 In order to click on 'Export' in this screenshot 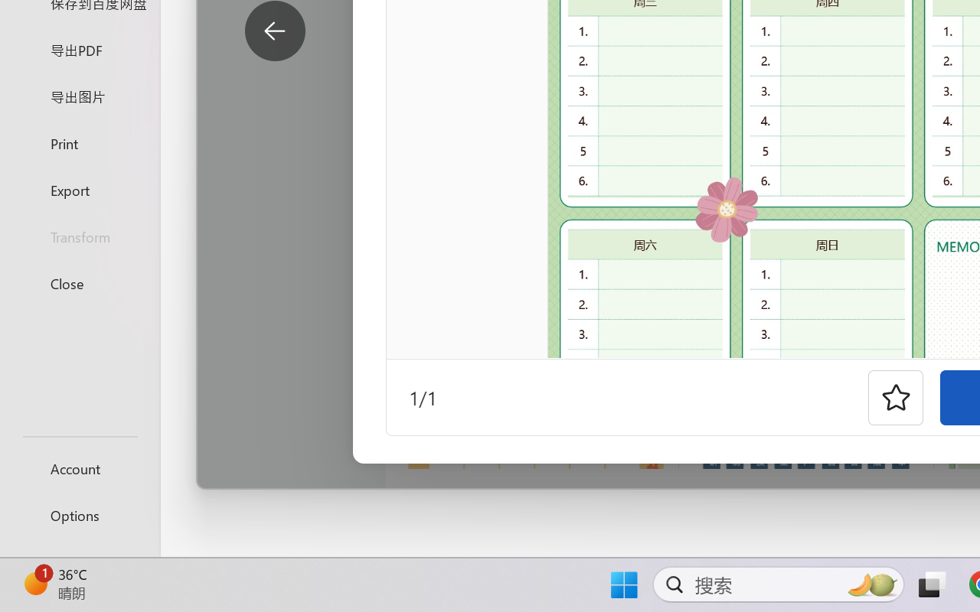, I will do `click(79, 189)`.